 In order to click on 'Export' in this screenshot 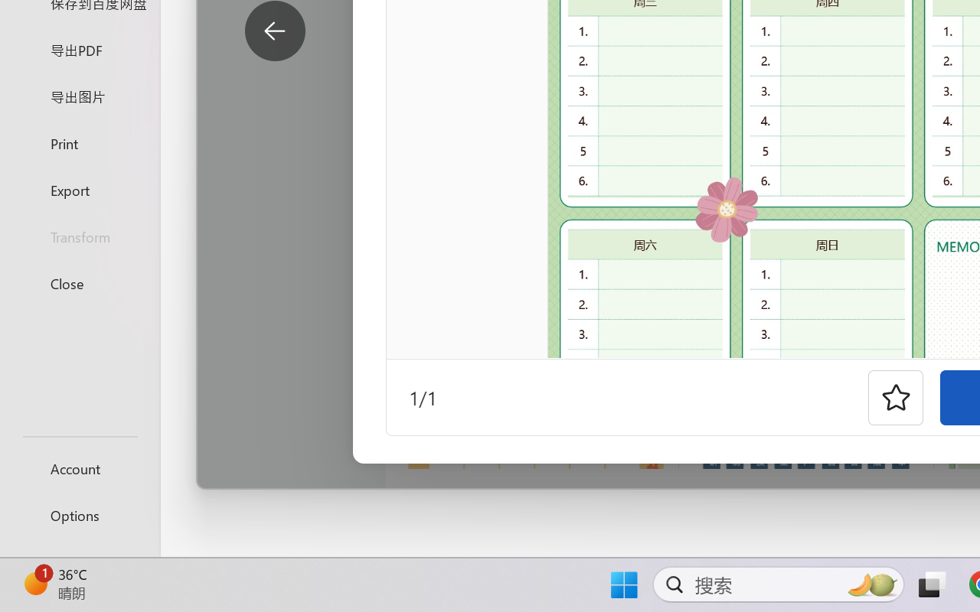, I will do `click(79, 189)`.